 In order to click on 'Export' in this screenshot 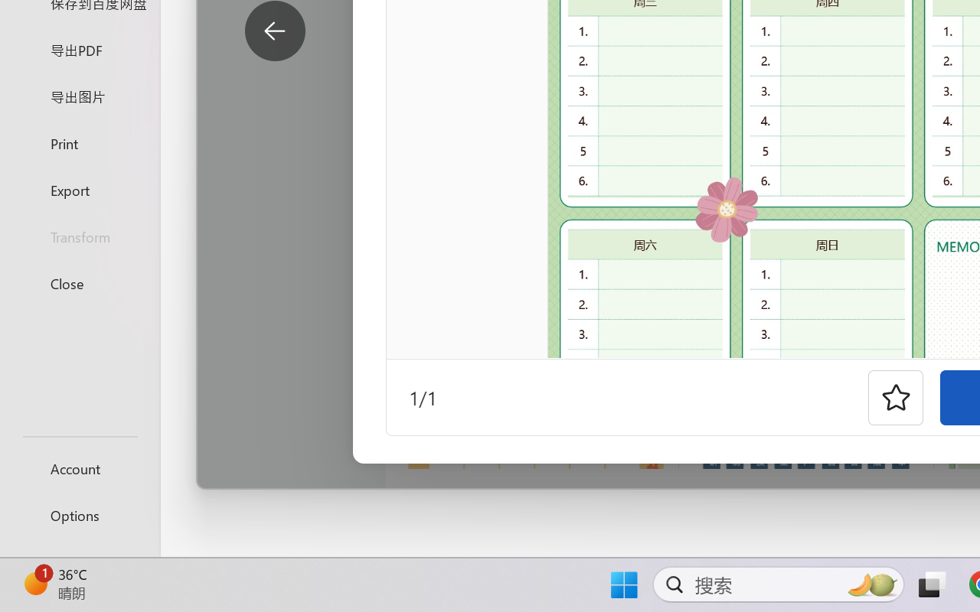, I will do `click(79, 189)`.